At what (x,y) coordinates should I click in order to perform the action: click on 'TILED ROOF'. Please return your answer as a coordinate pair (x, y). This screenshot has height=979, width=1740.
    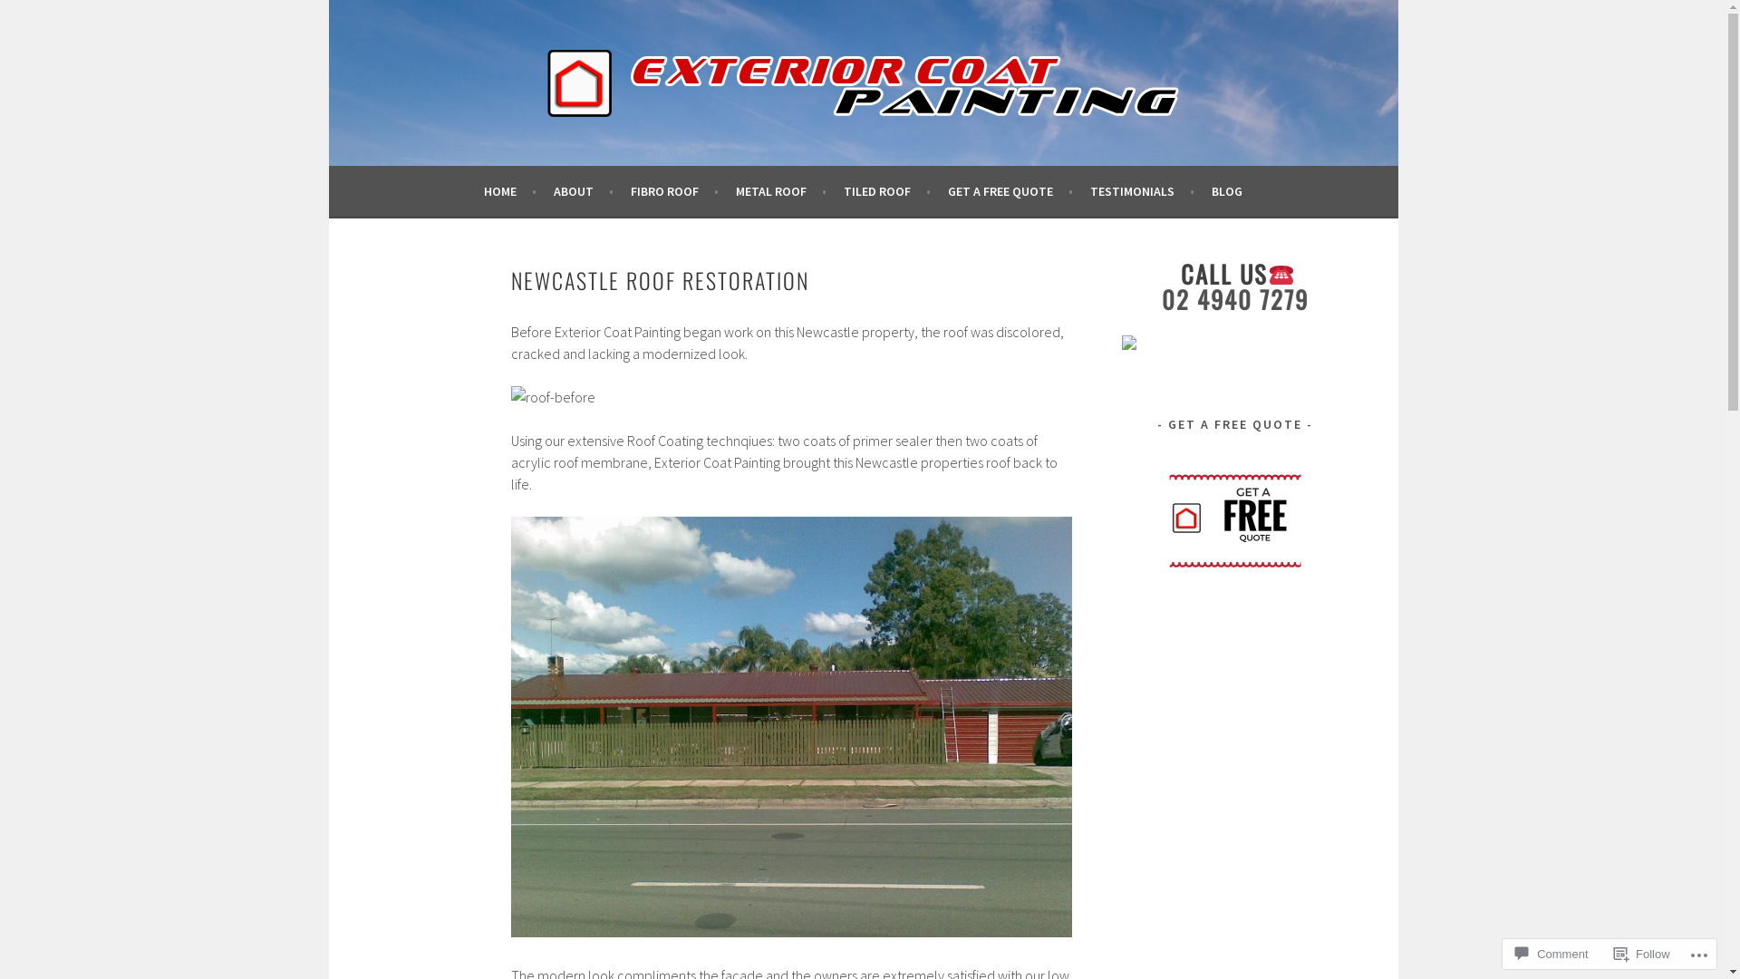
    Looking at the image, I should click on (887, 191).